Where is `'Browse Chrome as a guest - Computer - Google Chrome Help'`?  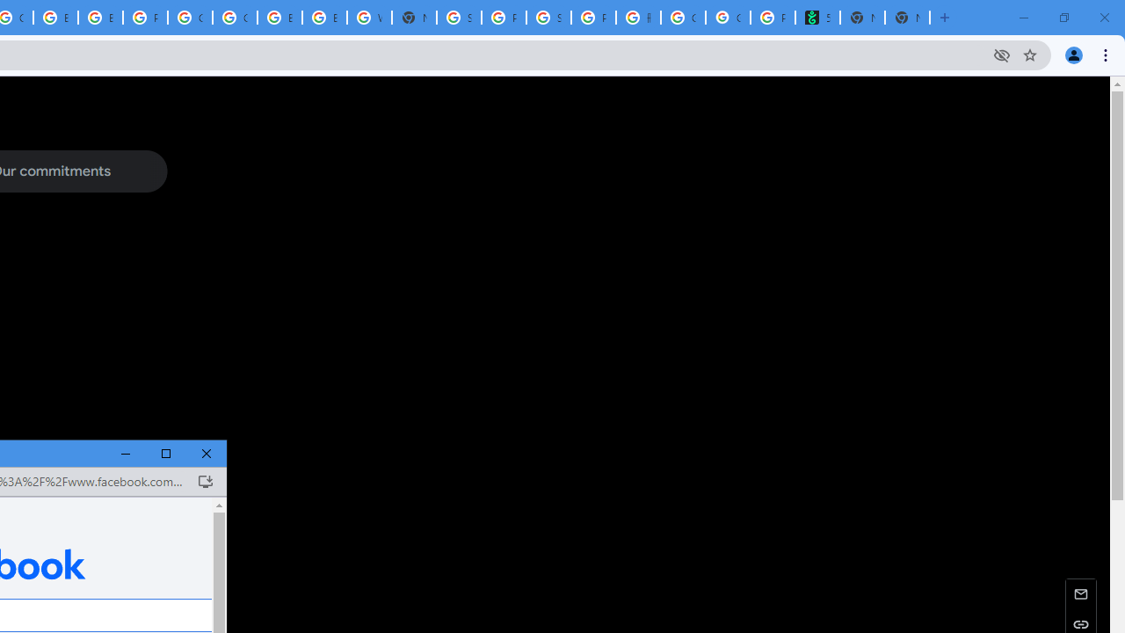
'Browse Chrome as a guest - Computer - Google Chrome Help' is located at coordinates (279, 18).